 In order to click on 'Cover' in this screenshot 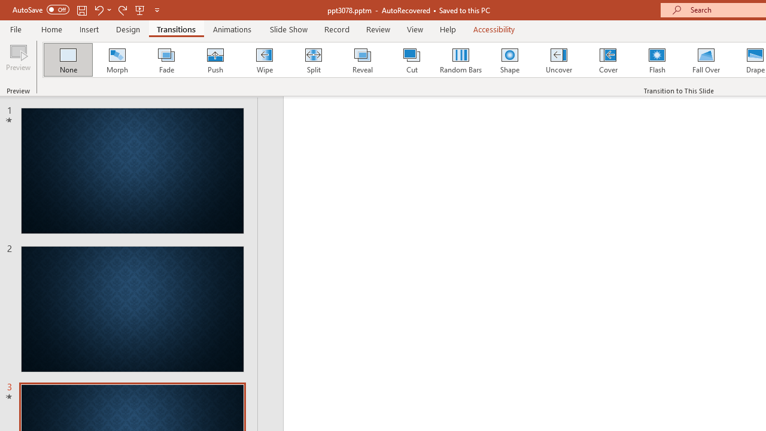, I will do `click(608, 60)`.